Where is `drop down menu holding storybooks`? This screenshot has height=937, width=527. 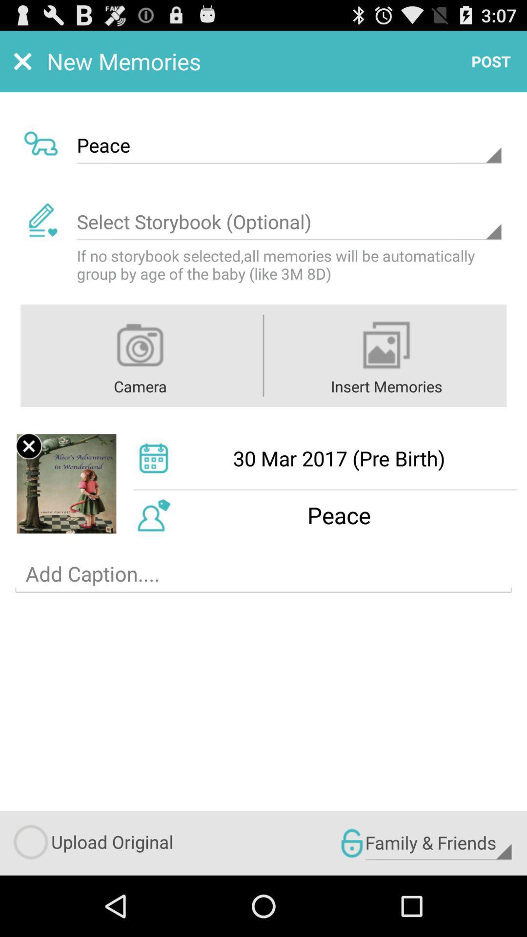 drop down menu holding storybooks is located at coordinates (288, 222).